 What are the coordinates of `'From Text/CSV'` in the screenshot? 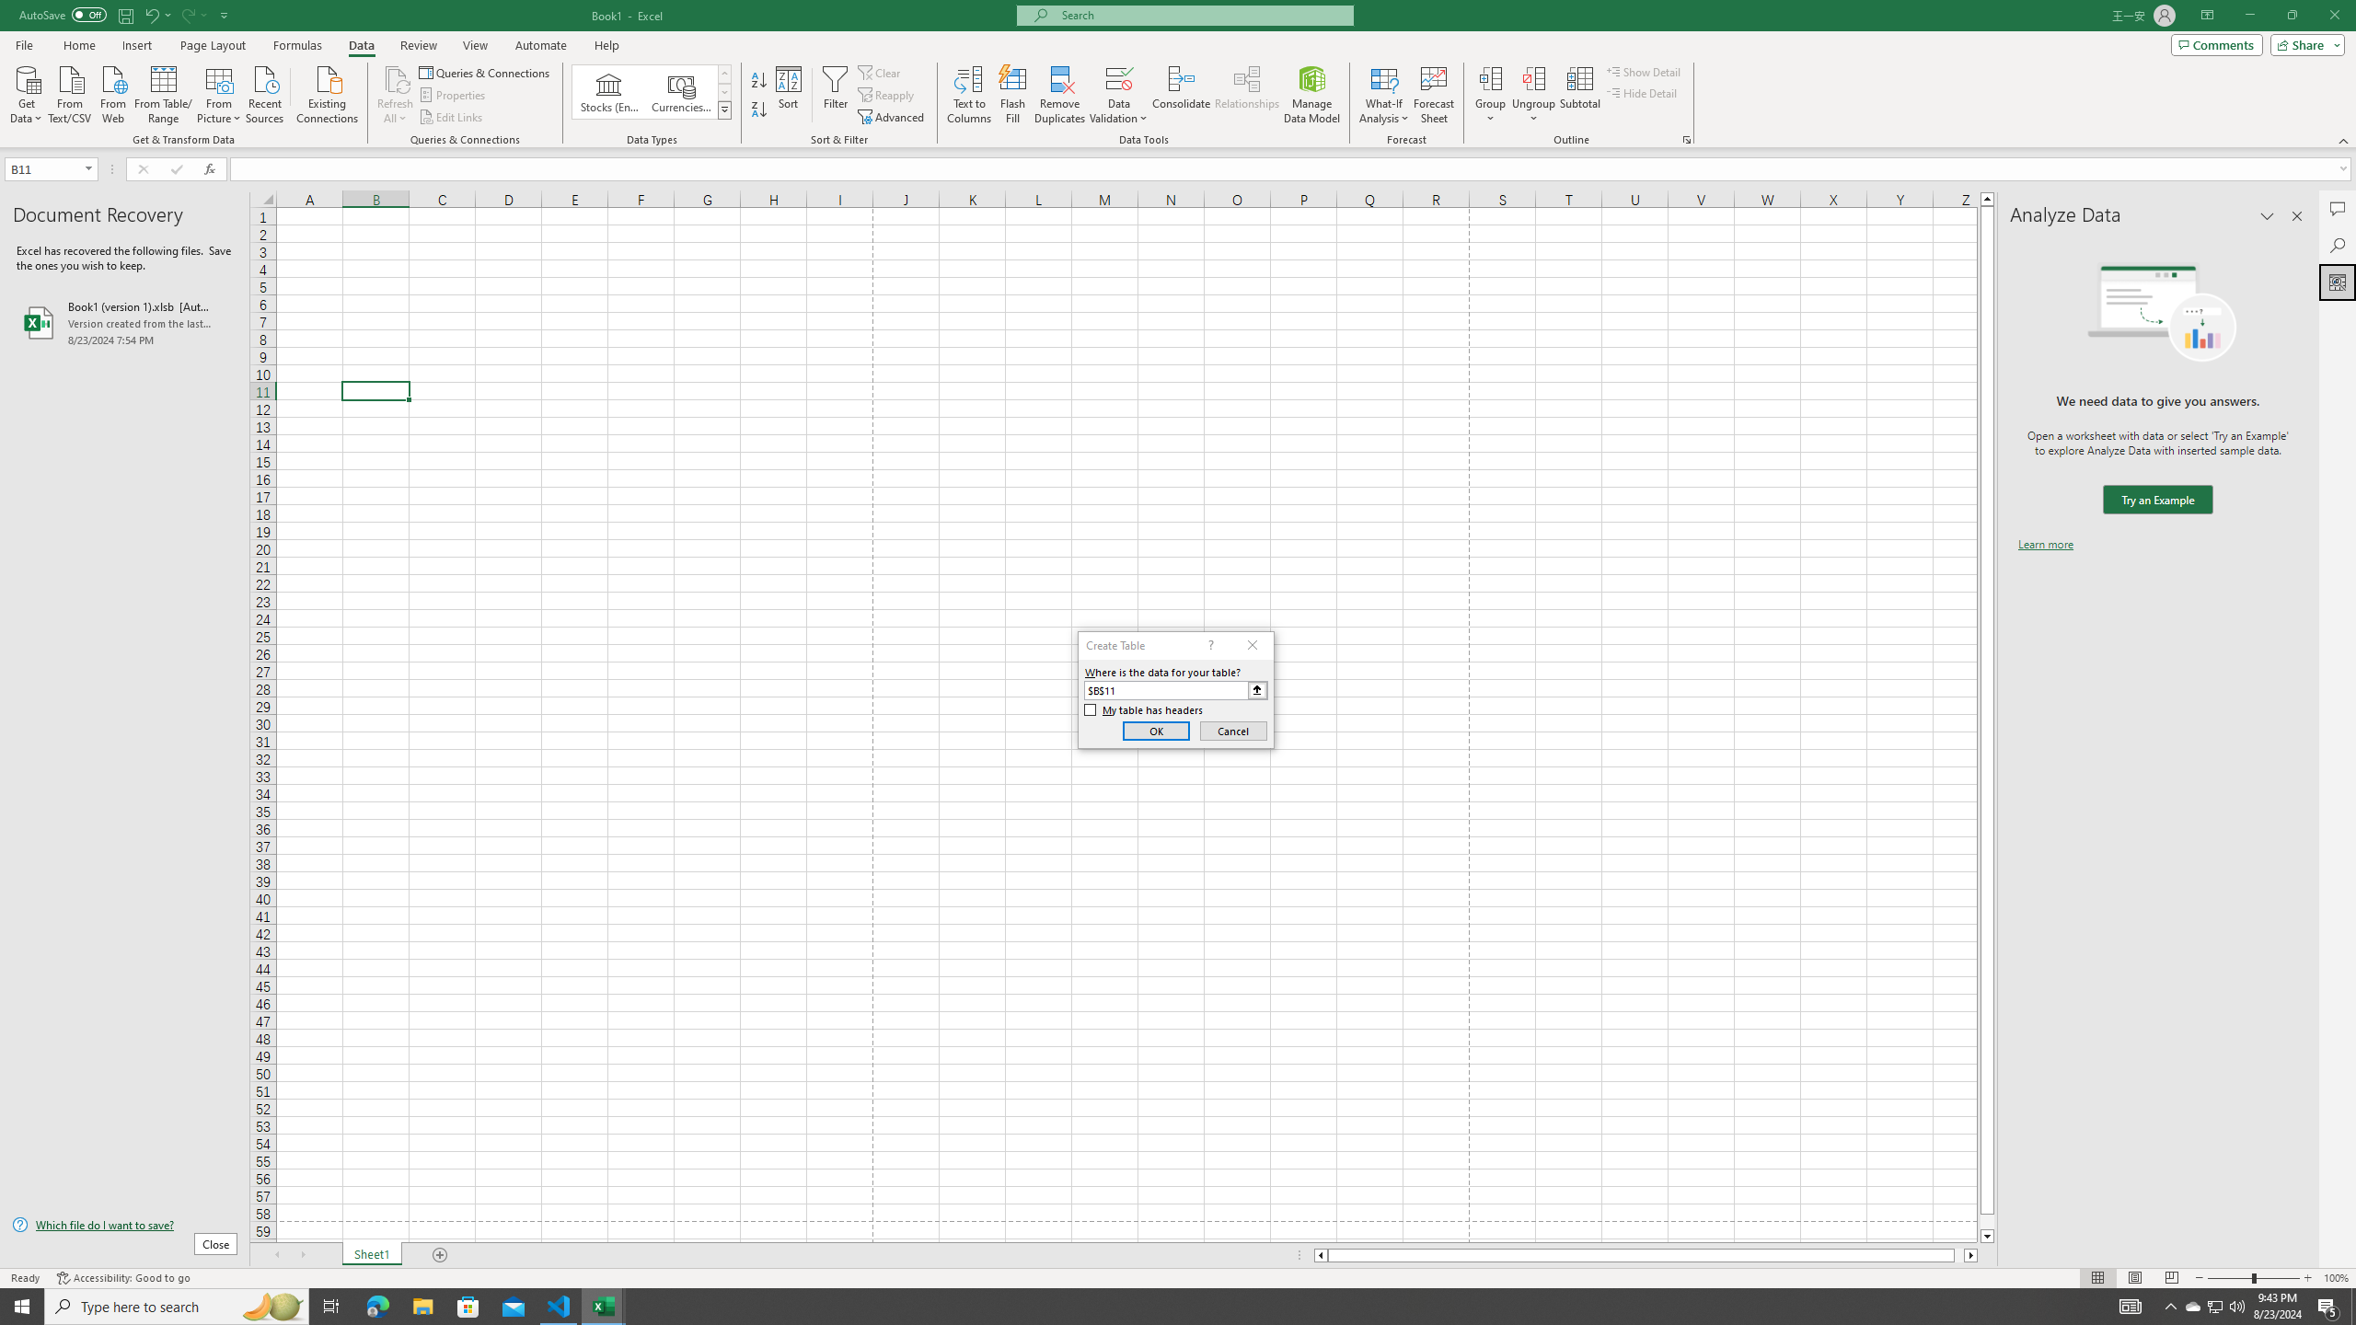 It's located at (70, 92).